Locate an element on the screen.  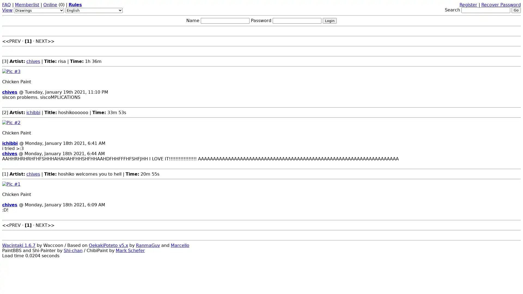
Go is located at coordinates (516, 10).